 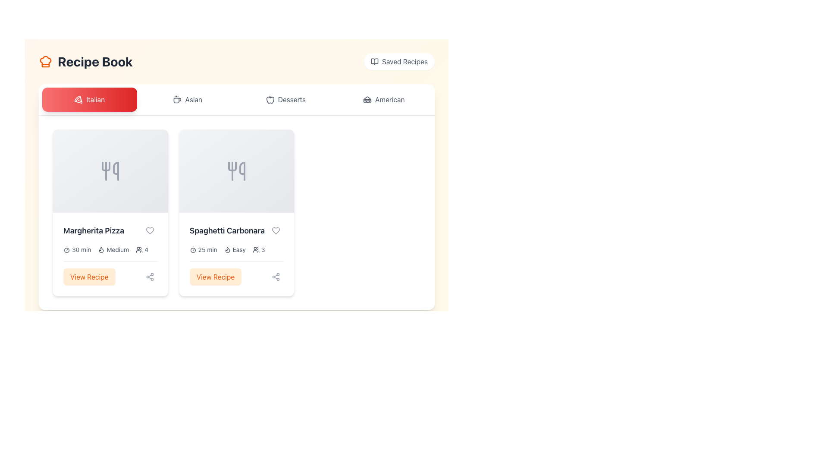 I want to click on the text label that serves as the title of the recipe on the first recipe card in the recipe book's content grid, so click(x=94, y=230).